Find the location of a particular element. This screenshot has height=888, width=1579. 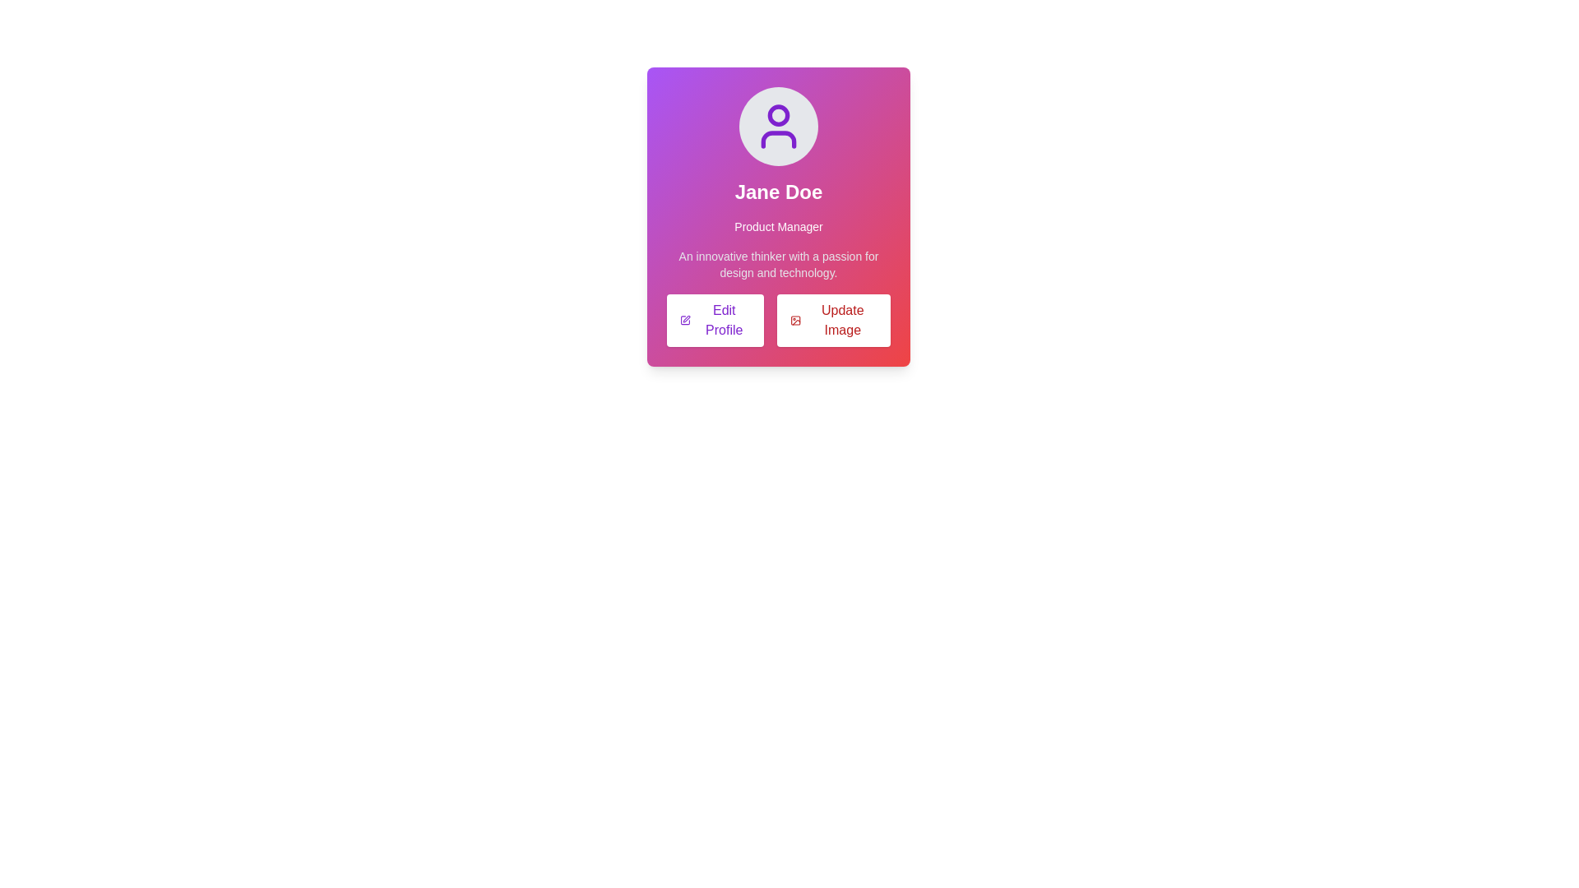

the decorative icon located to the left of the 'Update Image' button, which enhances its visual appeal is located at coordinates (795, 320).